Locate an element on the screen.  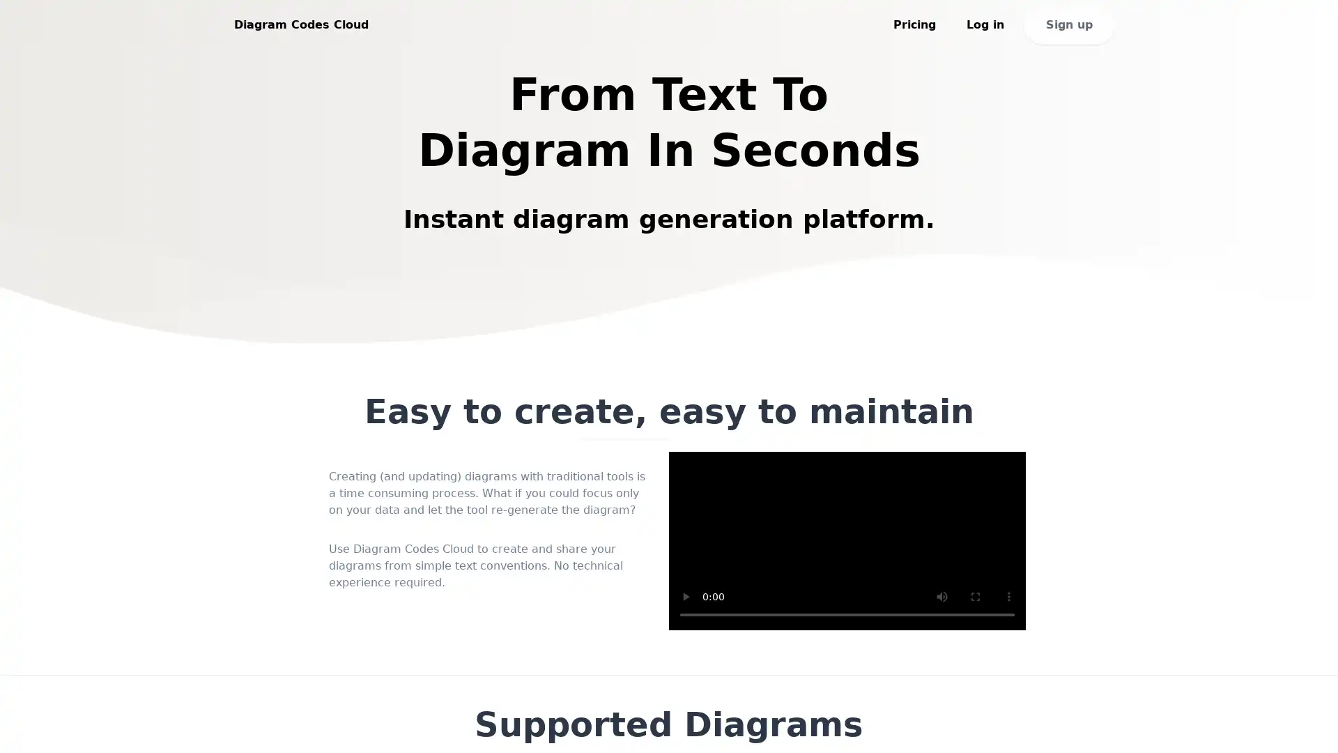
enter full screen is located at coordinates (975, 596).